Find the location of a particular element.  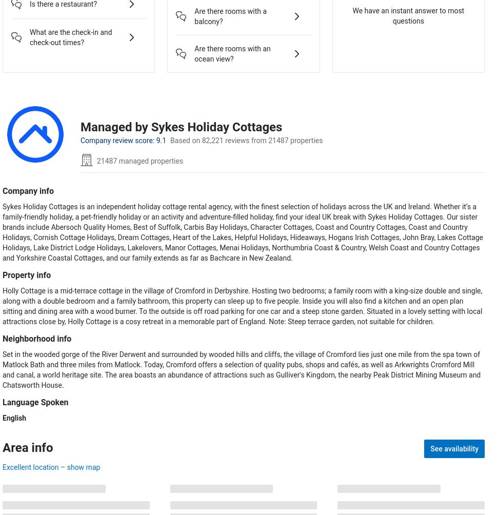

'Language Spoken' is located at coordinates (34, 402).